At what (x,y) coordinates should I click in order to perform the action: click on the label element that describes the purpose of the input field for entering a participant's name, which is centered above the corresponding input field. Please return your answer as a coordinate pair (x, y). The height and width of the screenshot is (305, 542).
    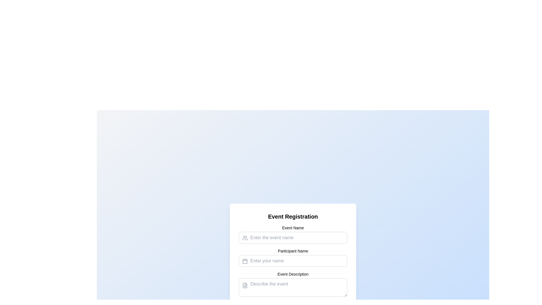
    Looking at the image, I should click on (293, 250).